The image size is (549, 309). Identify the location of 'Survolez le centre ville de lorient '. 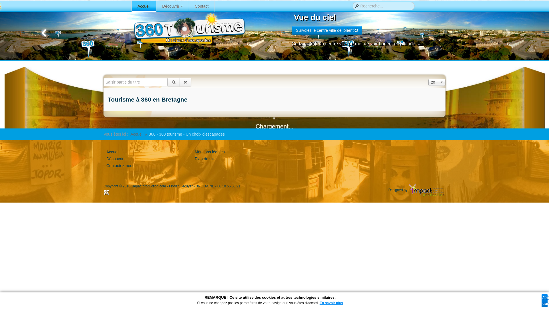
(327, 30).